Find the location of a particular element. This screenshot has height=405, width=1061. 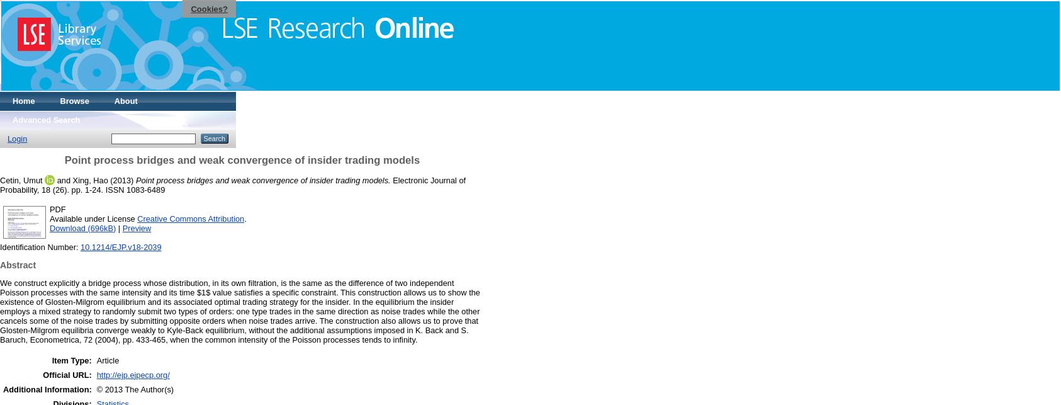

'We construct explicitly a bridge process whose distribution, in its own filtration, is the same as the difference of two independent Poisson processes with the same intensity and its time $1$ value satisfies a specific constraint. This construction allows us to show the existence of Glosten-Milgrom equilibrium and its associated optimal trading strategy for the insider. In the equilibrium the insider employs a mixed strategy to randomly submit two types of orders: one type trades in the same direction as noise trades while the other cancels some of the noise trades by submitting opposite orders when noise trades arrive. The construction also allows us to prove that Glosten-Milgrom equilibria converge weakly to Kyle-Back equilibrium, without the additional assumptions imposed in K. Back and S. Baruch, Econometrica, 72 (2004), pp. 433-465, when the common intensity of the Poisson processes tends to infinity.' is located at coordinates (0, 310).